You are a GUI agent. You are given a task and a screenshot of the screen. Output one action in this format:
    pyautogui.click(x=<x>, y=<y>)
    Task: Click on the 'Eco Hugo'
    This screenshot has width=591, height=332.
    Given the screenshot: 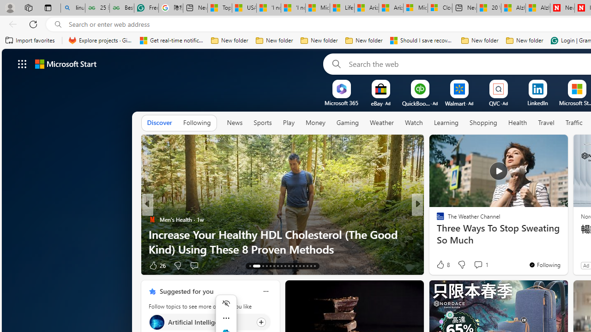 What is the action you would take?
    pyautogui.click(x=436, y=219)
    